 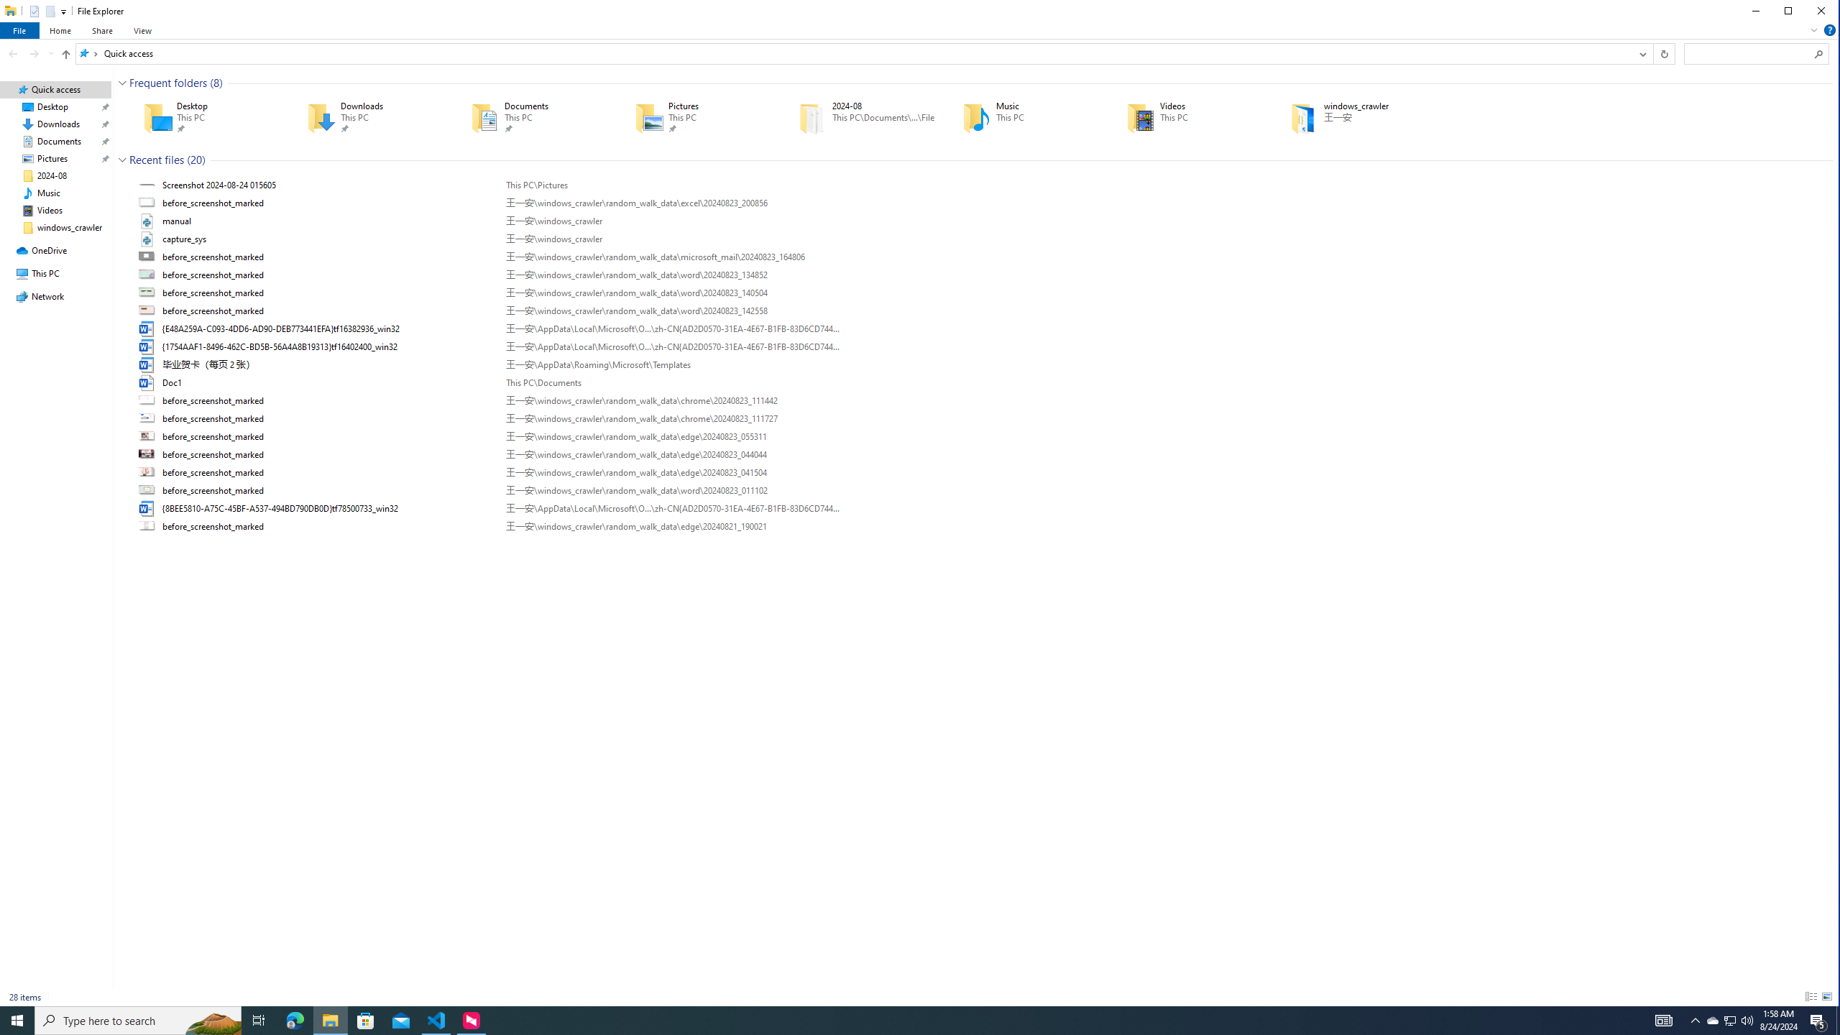 What do you see at coordinates (123, 160) in the screenshot?
I see `'Collapse Group'` at bounding box center [123, 160].